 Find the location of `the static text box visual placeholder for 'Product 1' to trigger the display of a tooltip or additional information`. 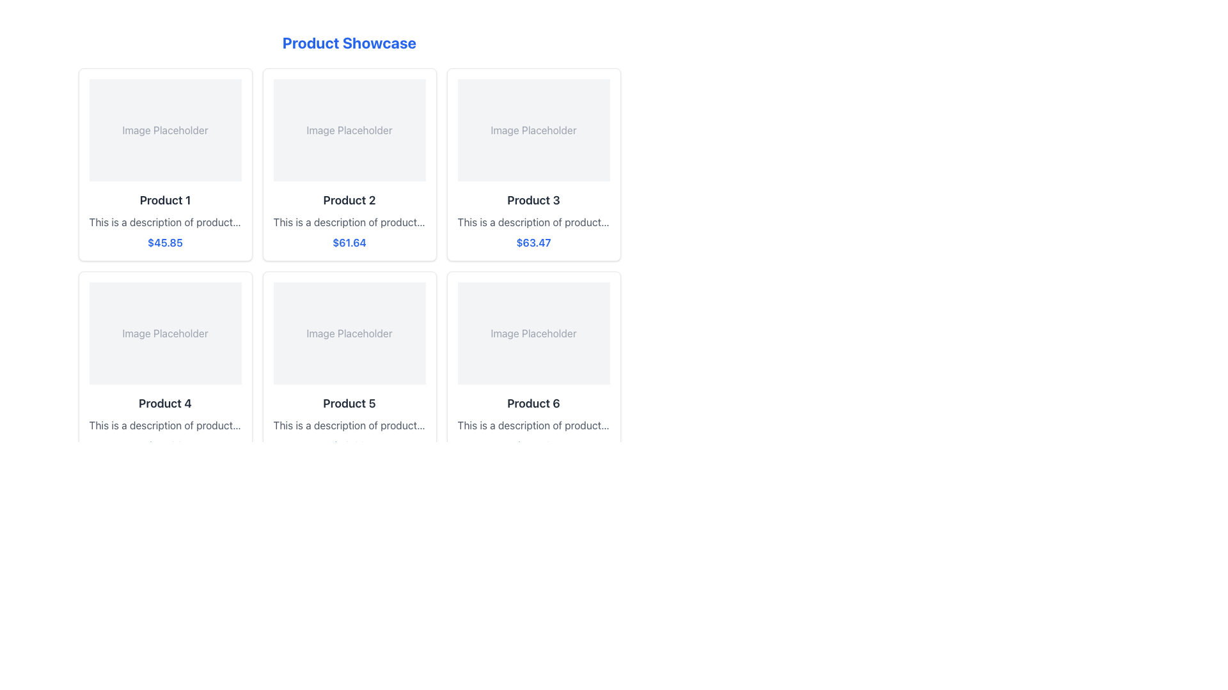

the static text box visual placeholder for 'Product 1' to trigger the display of a tooltip or additional information is located at coordinates (164, 130).